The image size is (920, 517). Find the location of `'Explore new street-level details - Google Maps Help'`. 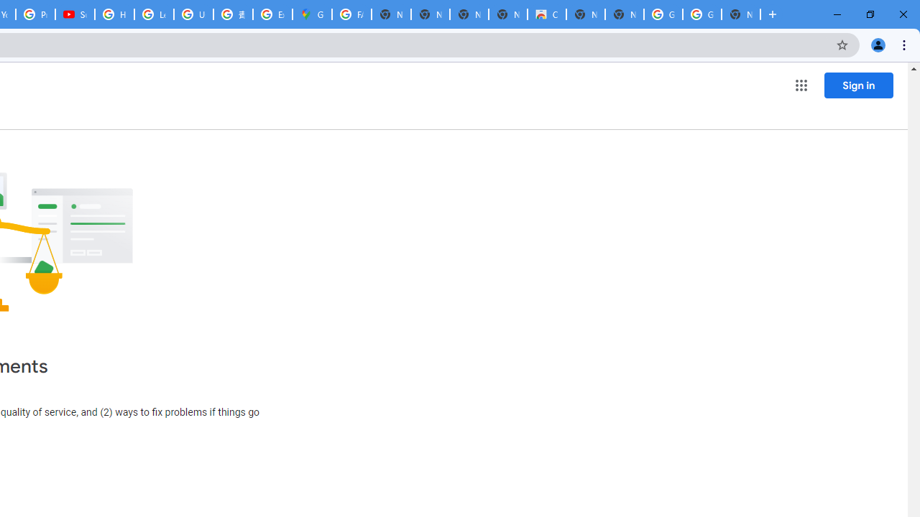

'Explore new street-level details - Google Maps Help' is located at coordinates (272, 14).